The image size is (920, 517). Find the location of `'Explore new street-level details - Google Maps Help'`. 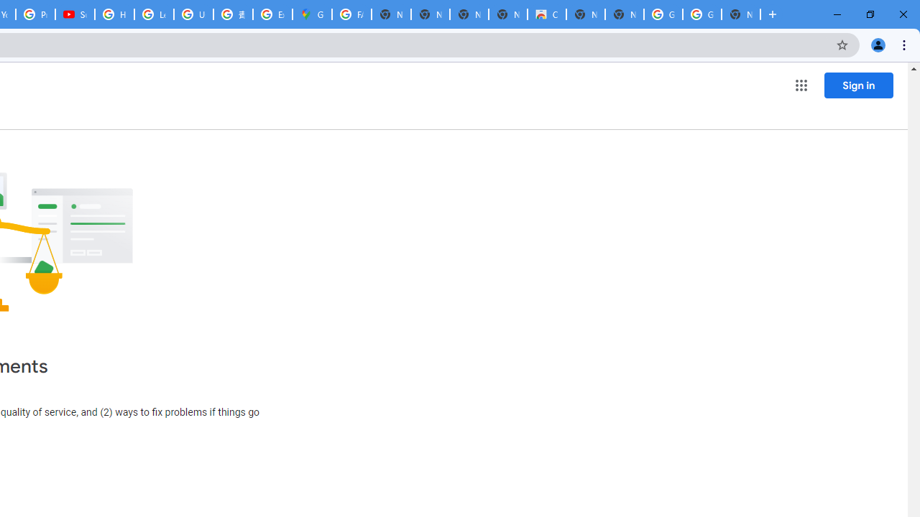

'Explore new street-level details - Google Maps Help' is located at coordinates (272, 14).